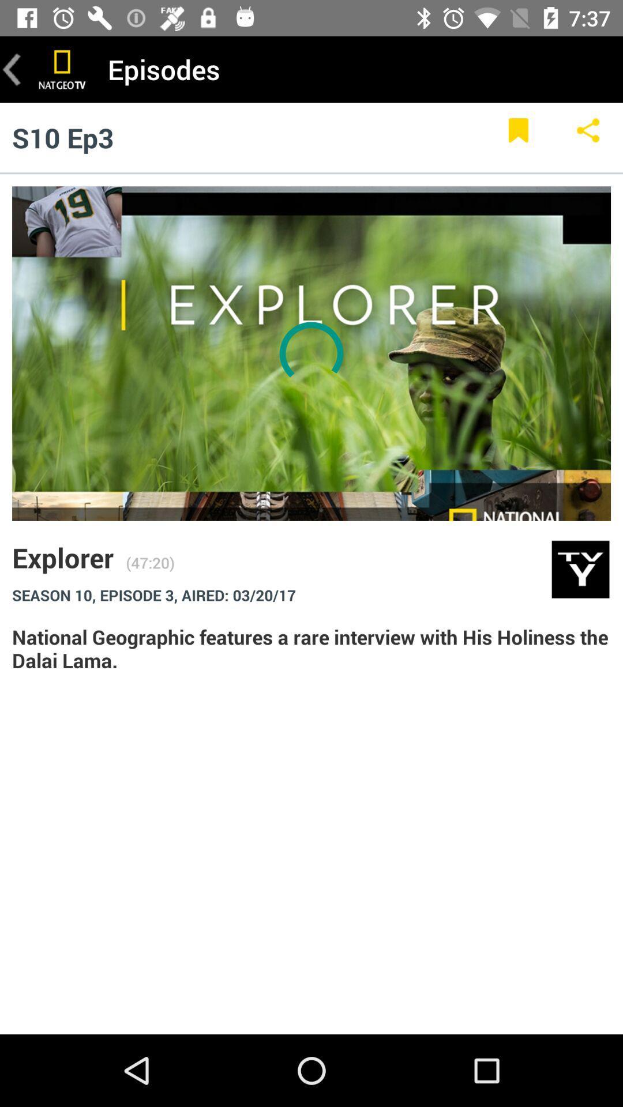 The image size is (623, 1107). I want to click on item to the right of the s10 ep3, so click(517, 137).